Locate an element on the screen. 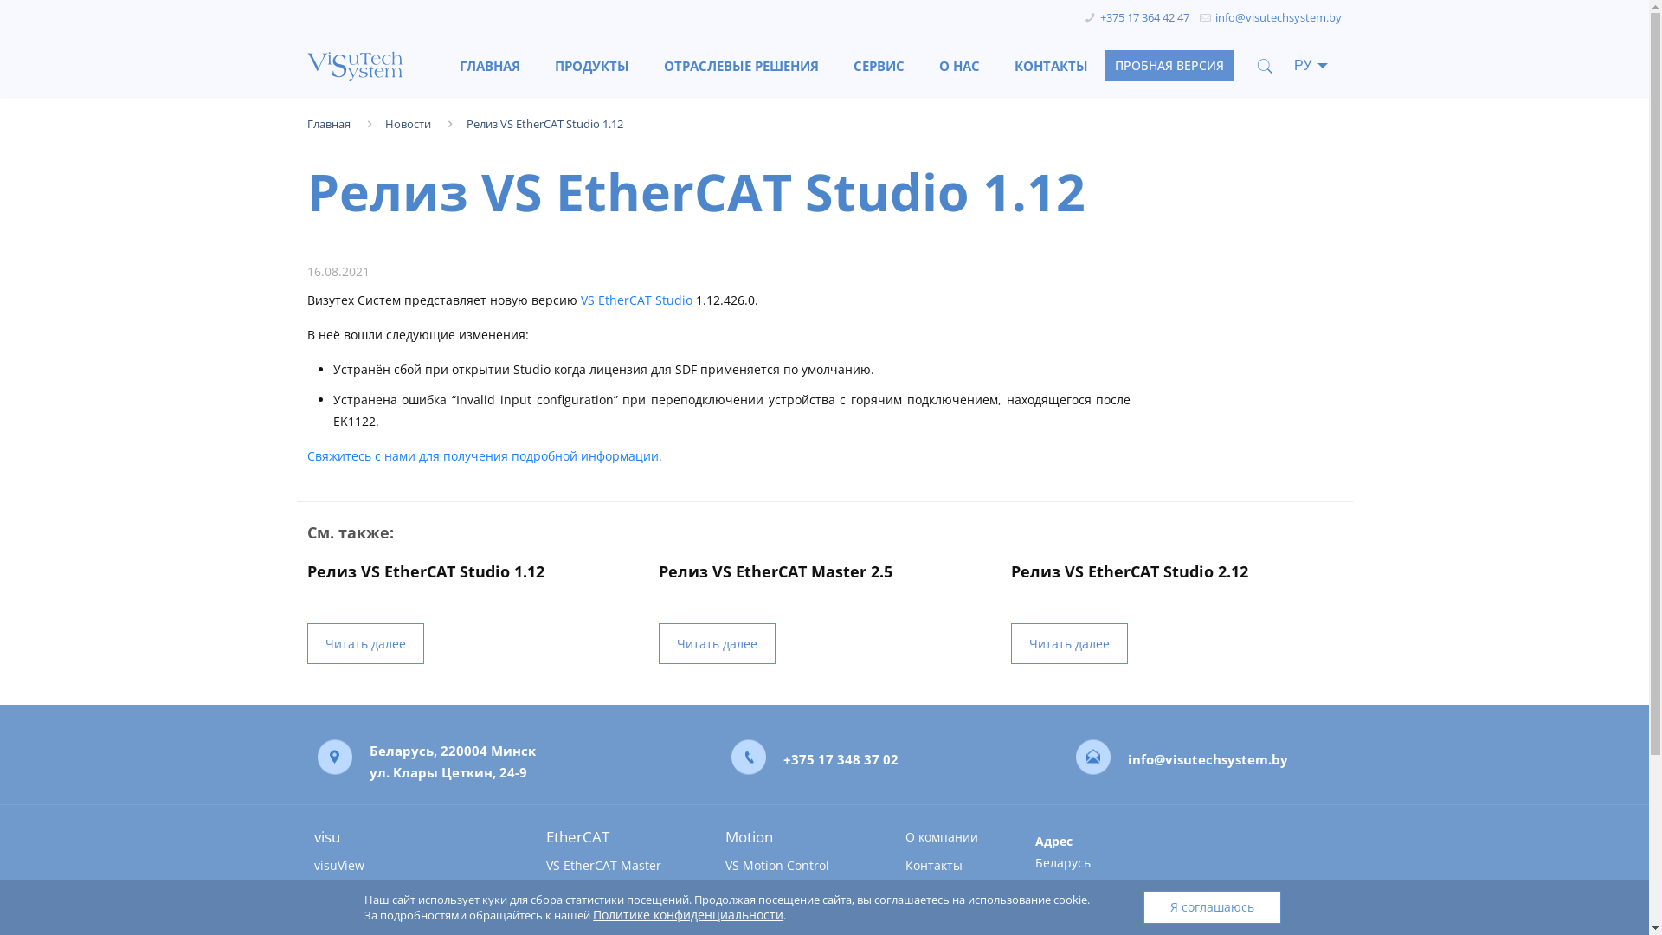 This screenshot has width=1662, height=935. 'VS EtherCAT Master' is located at coordinates (615, 865).